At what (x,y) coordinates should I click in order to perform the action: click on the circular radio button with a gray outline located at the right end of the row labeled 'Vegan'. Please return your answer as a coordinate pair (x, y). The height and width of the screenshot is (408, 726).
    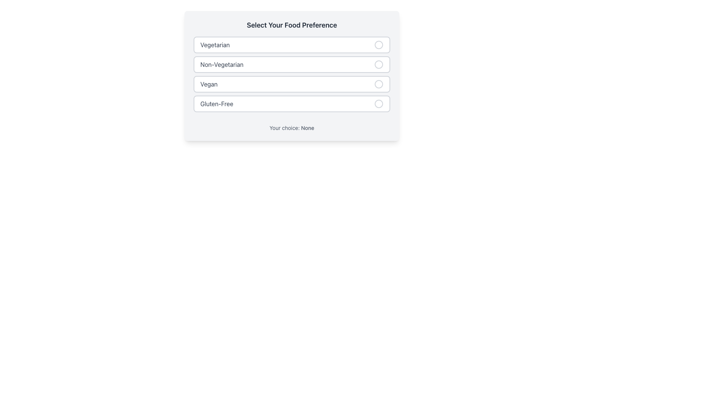
    Looking at the image, I should click on (379, 84).